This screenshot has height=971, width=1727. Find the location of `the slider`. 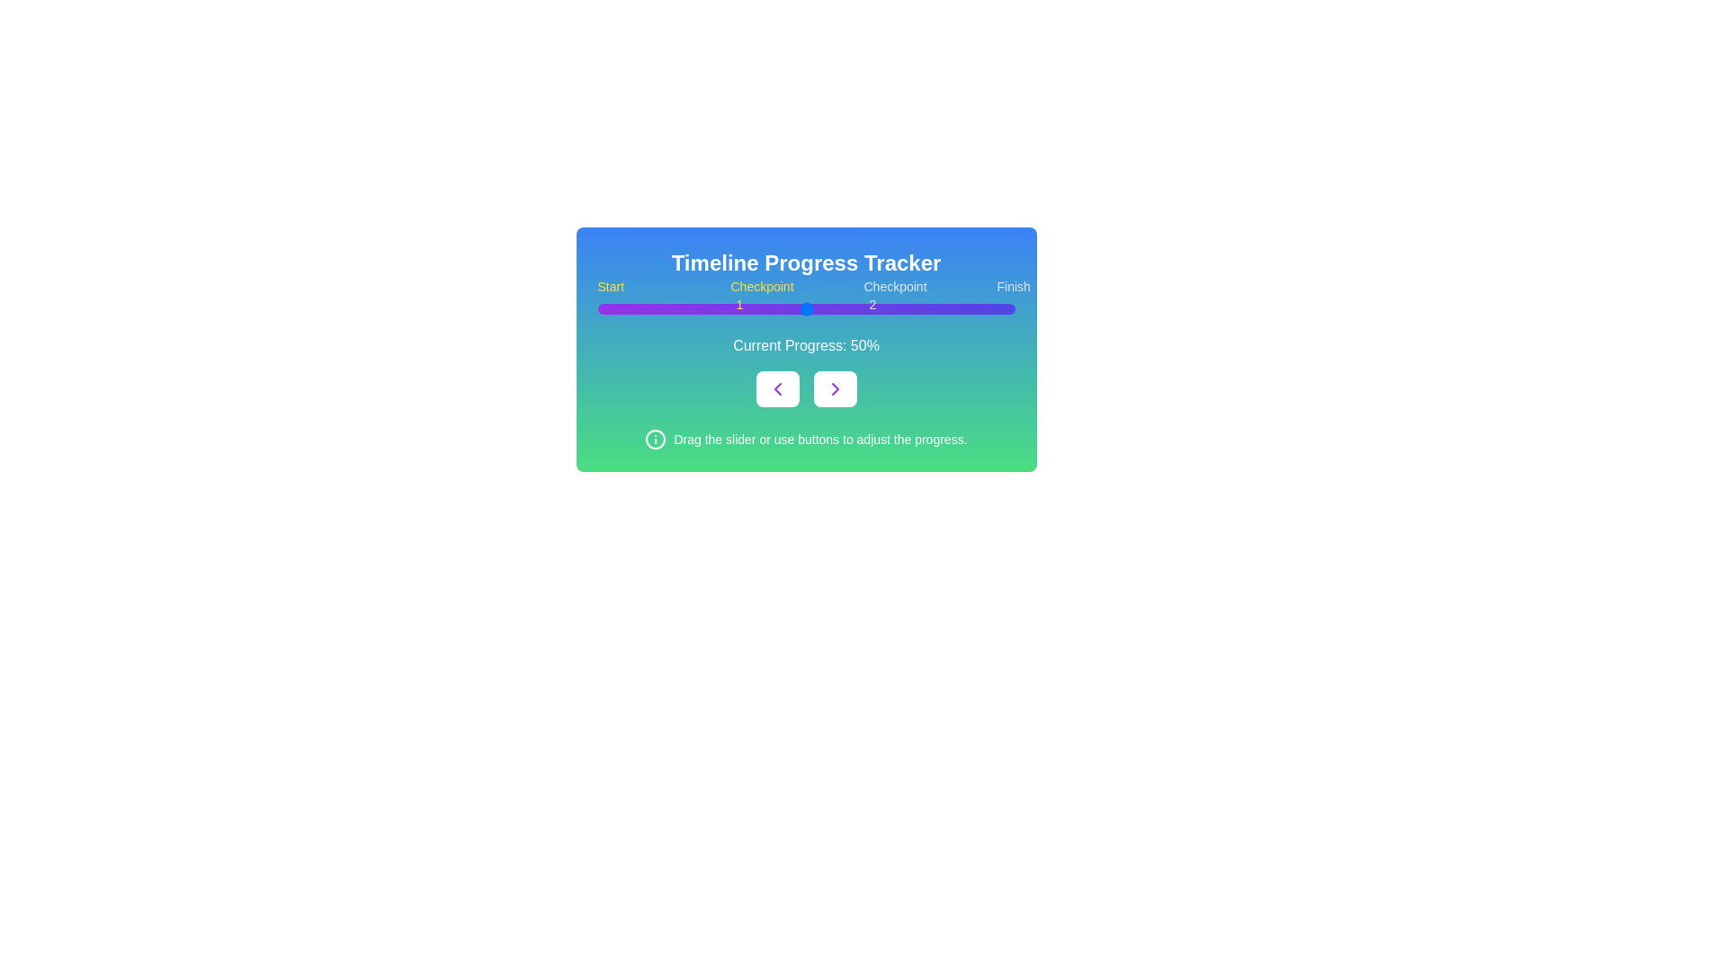

the slider is located at coordinates (939, 307).